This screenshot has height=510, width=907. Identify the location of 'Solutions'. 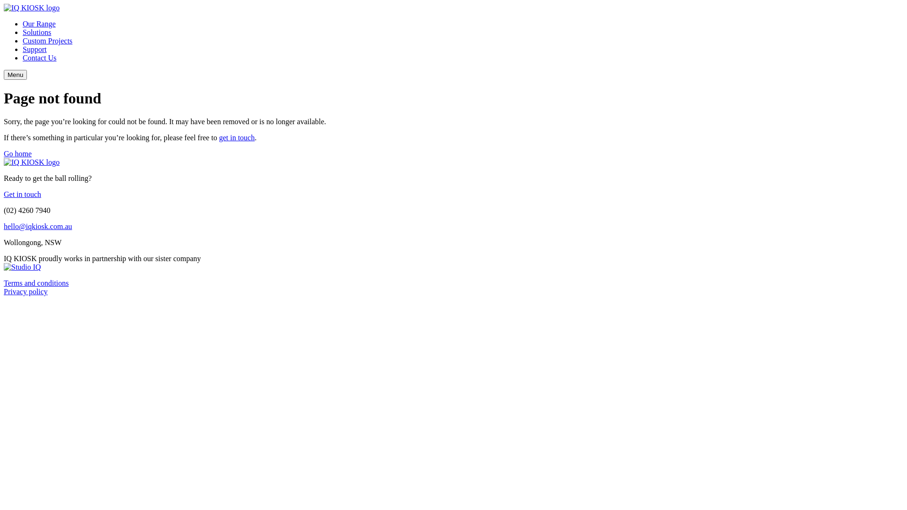
(36, 32).